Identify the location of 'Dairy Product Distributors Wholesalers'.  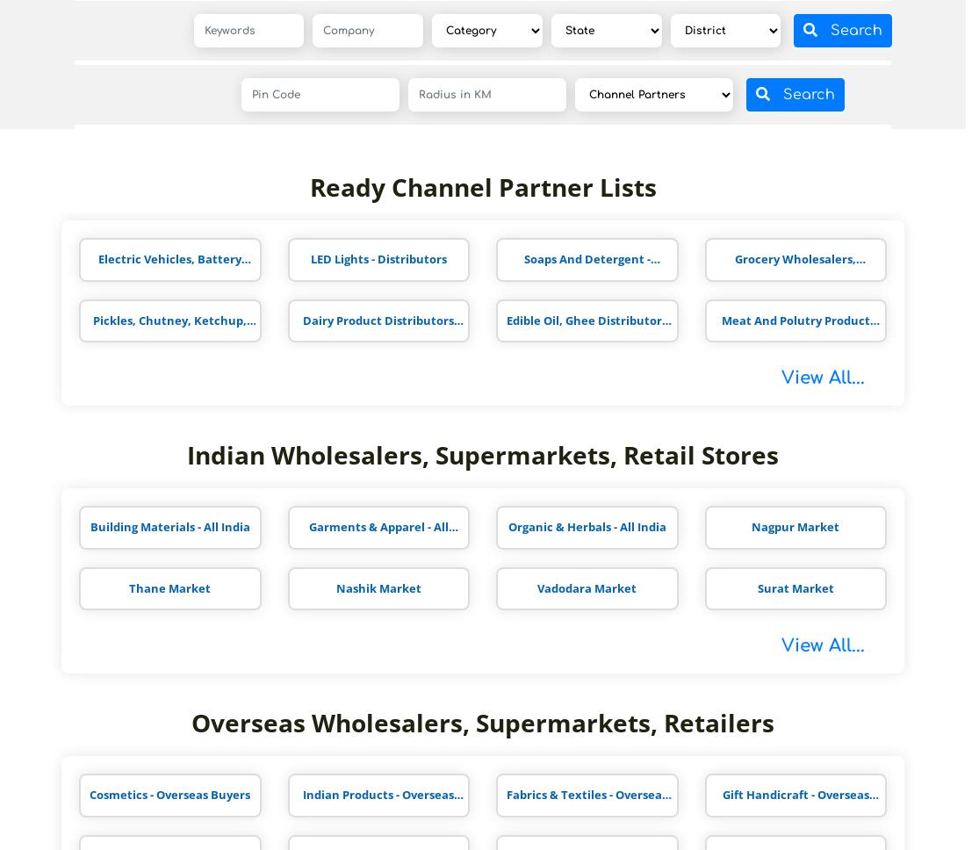
(377, 326).